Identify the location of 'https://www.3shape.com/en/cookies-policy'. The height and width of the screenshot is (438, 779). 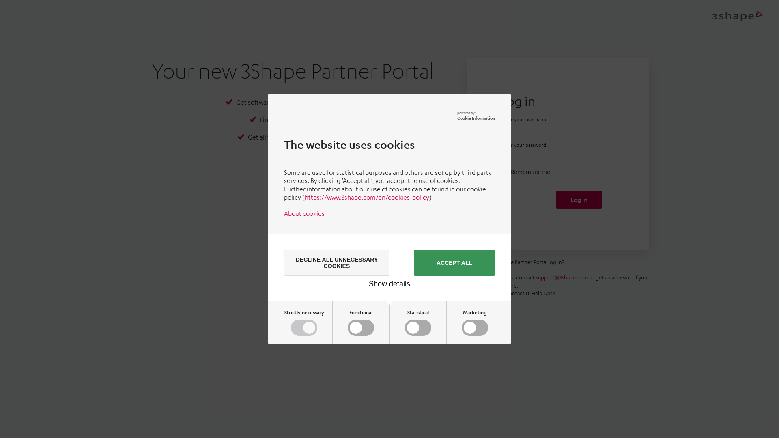
(366, 197).